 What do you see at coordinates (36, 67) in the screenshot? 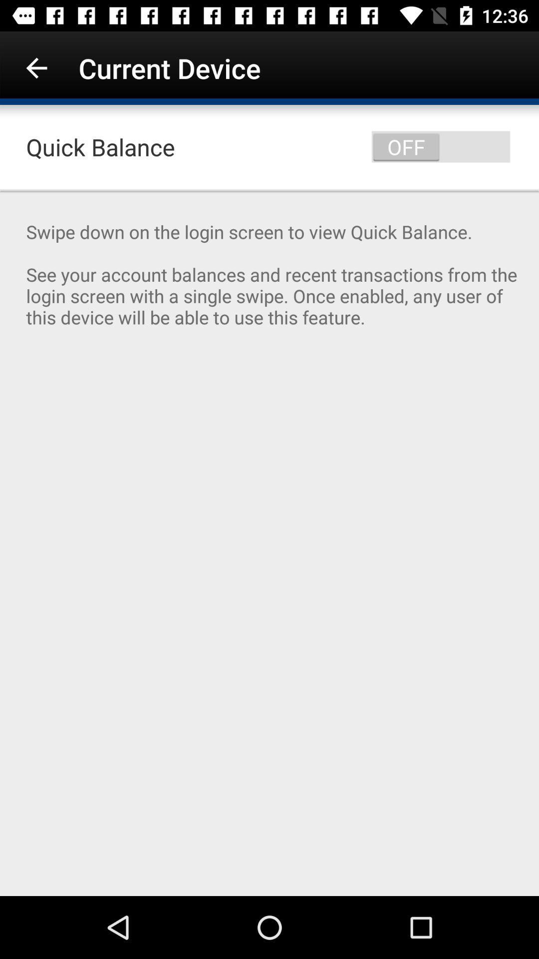
I see `the app next to the current device` at bounding box center [36, 67].